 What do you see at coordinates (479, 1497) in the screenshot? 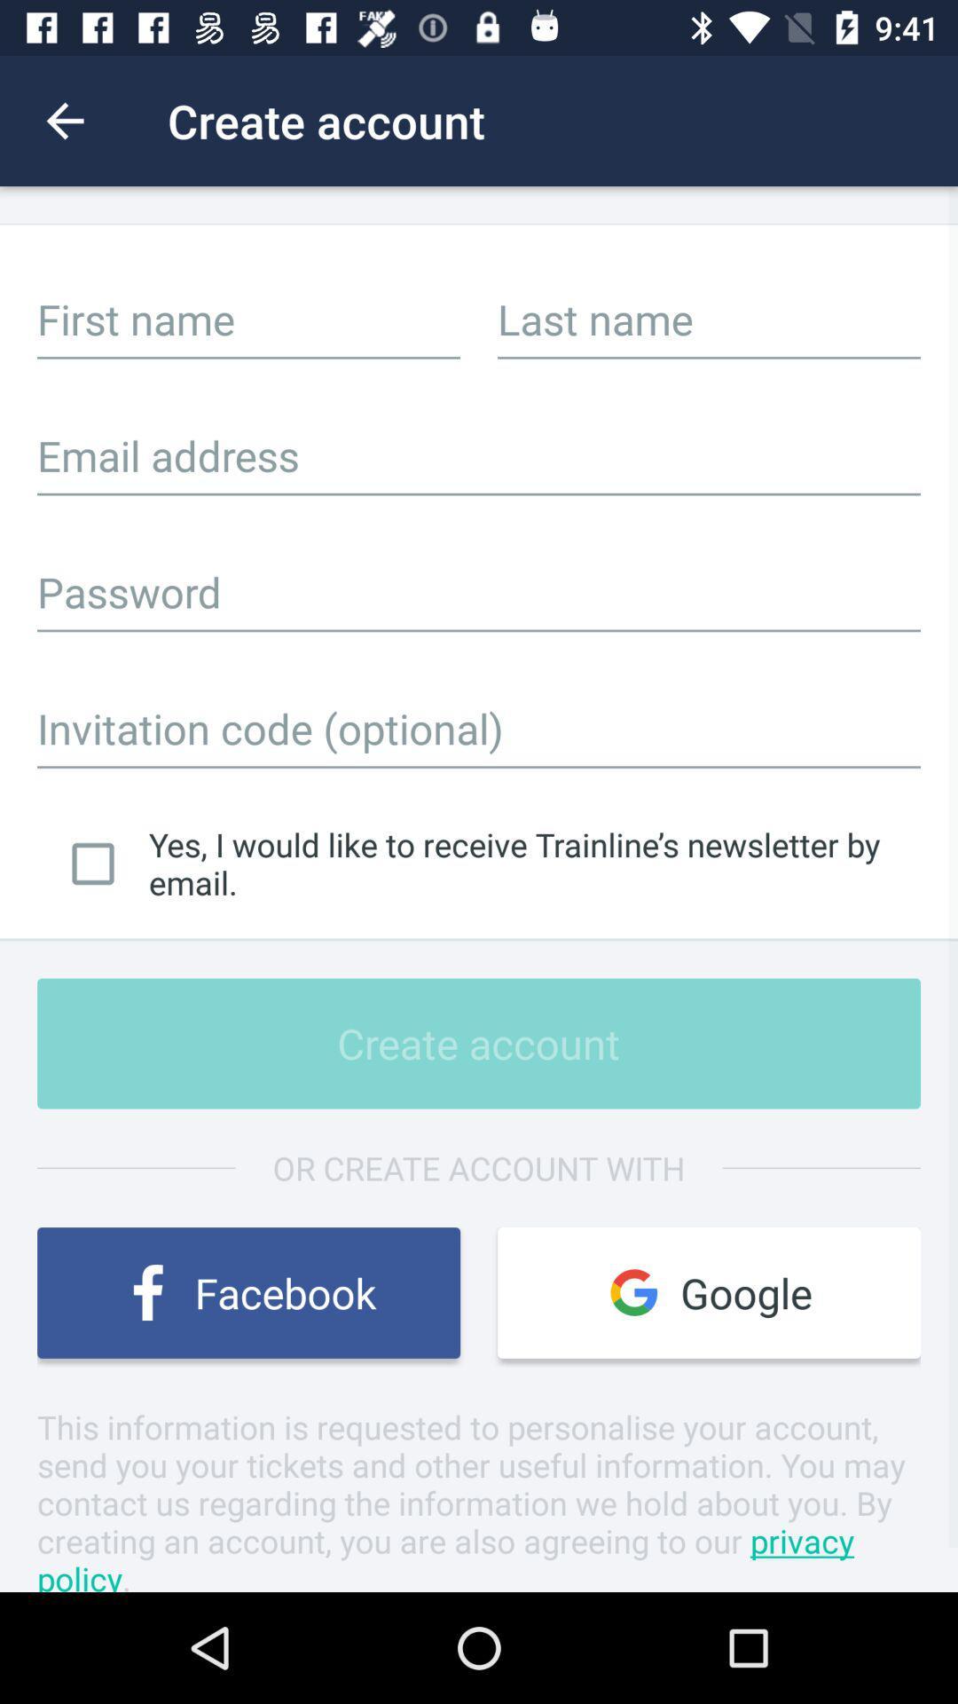
I see `this information is item` at bounding box center [479, 1497].